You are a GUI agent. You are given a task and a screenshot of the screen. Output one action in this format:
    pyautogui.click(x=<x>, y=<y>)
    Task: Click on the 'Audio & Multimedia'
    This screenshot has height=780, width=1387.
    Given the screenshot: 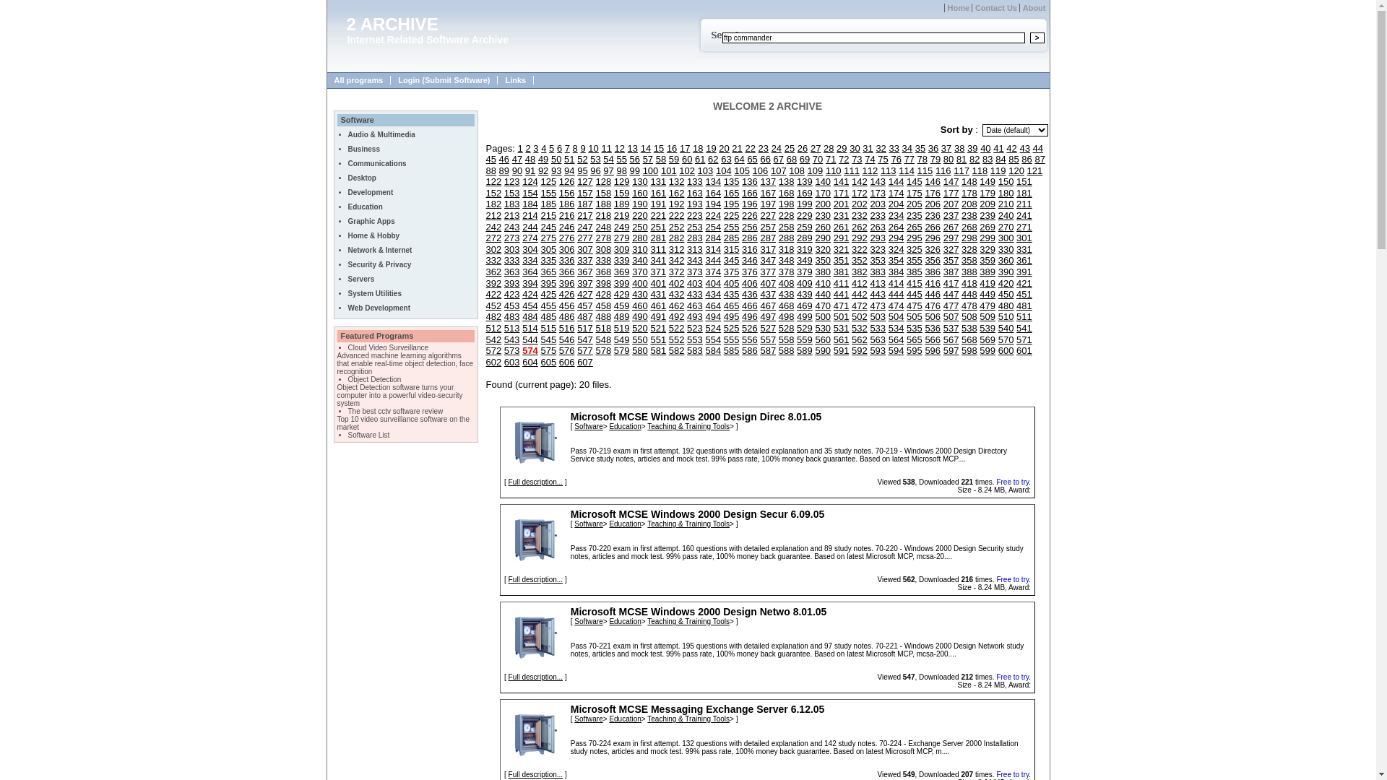 What is the action you would take?
    pyautogui.click(x=381, y=134)
    